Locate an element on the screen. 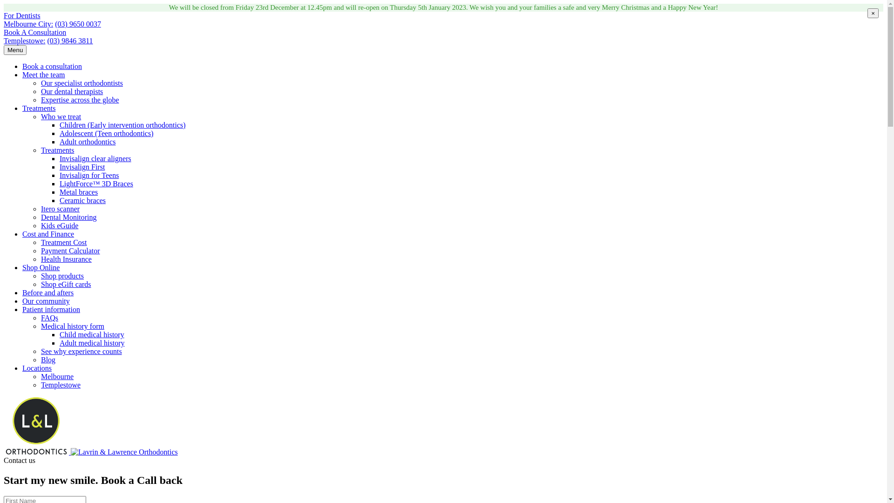 The width and height of the screenshot is (894, 503). 'Health Insurance' is located at coordinates (66, 259).